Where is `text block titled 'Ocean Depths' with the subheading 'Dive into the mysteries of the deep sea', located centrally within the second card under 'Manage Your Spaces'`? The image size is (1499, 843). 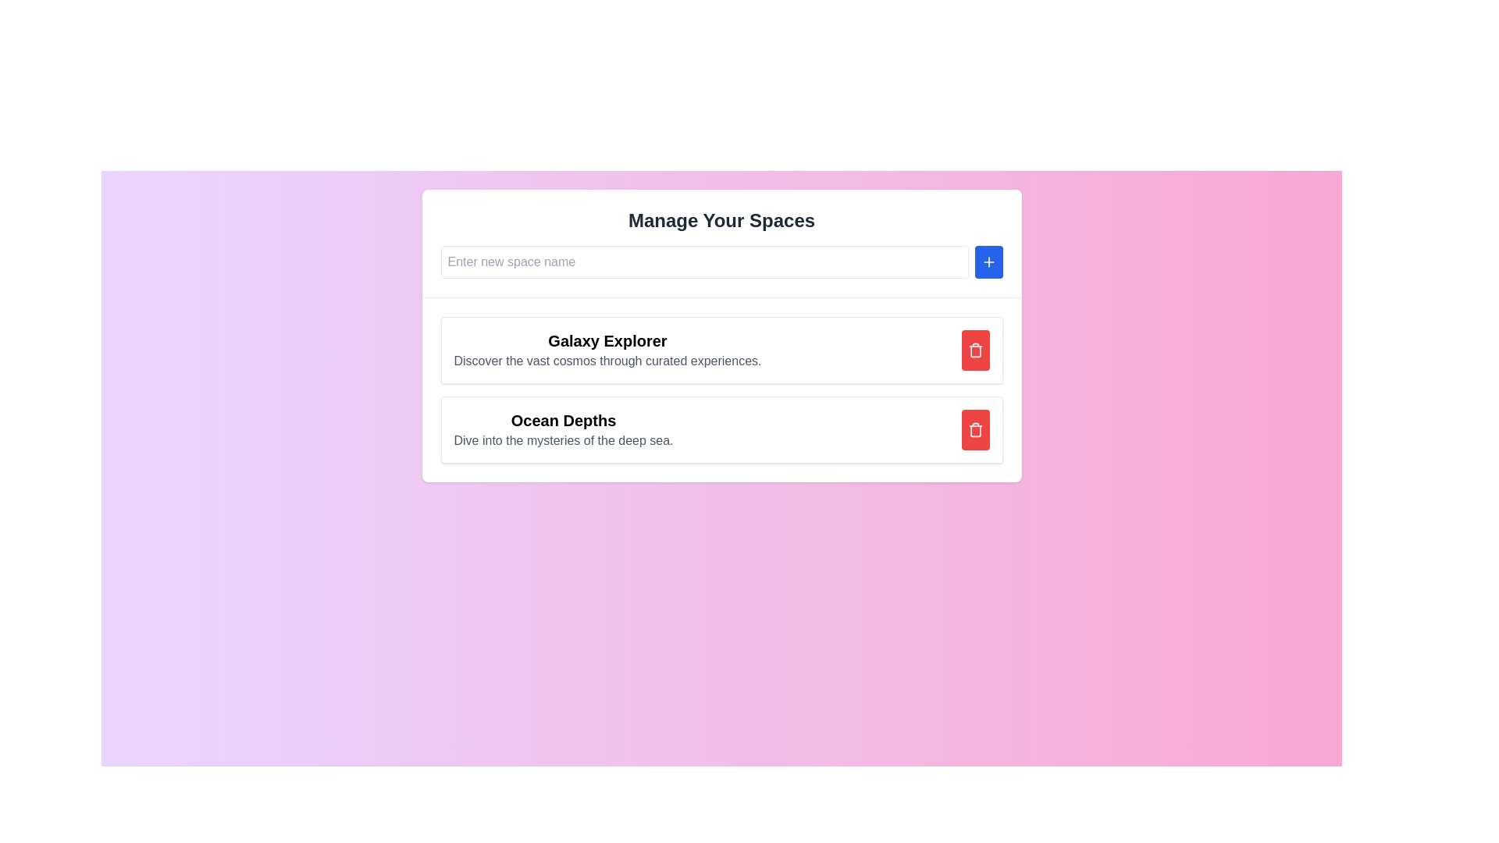 text block titled 'Ocean Depths' with the subheading 'Dive into the mysteries of the deep sea', located centrally within the second card under 'Manage Your Spaces' is located at coordinates (563, 430).